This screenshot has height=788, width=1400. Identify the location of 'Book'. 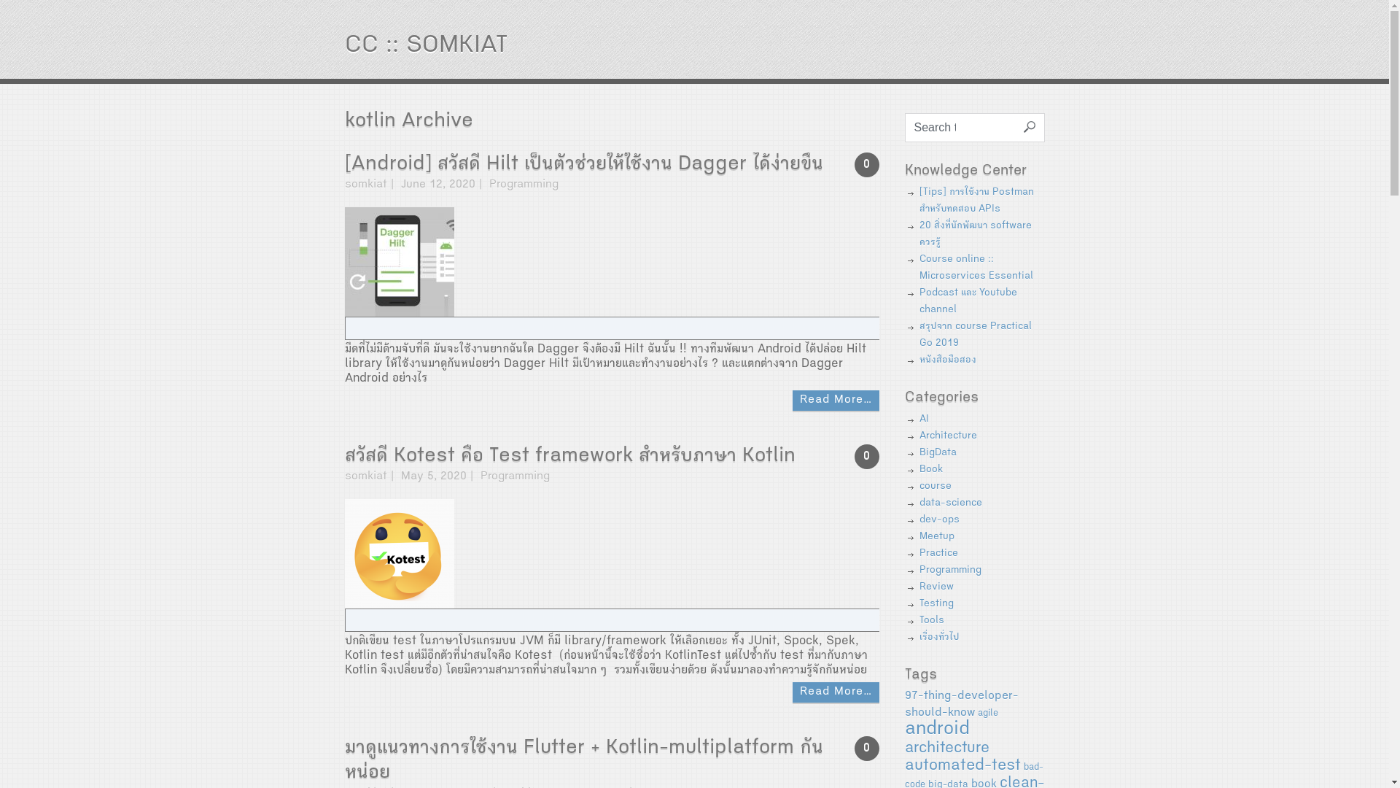
(930, 470).